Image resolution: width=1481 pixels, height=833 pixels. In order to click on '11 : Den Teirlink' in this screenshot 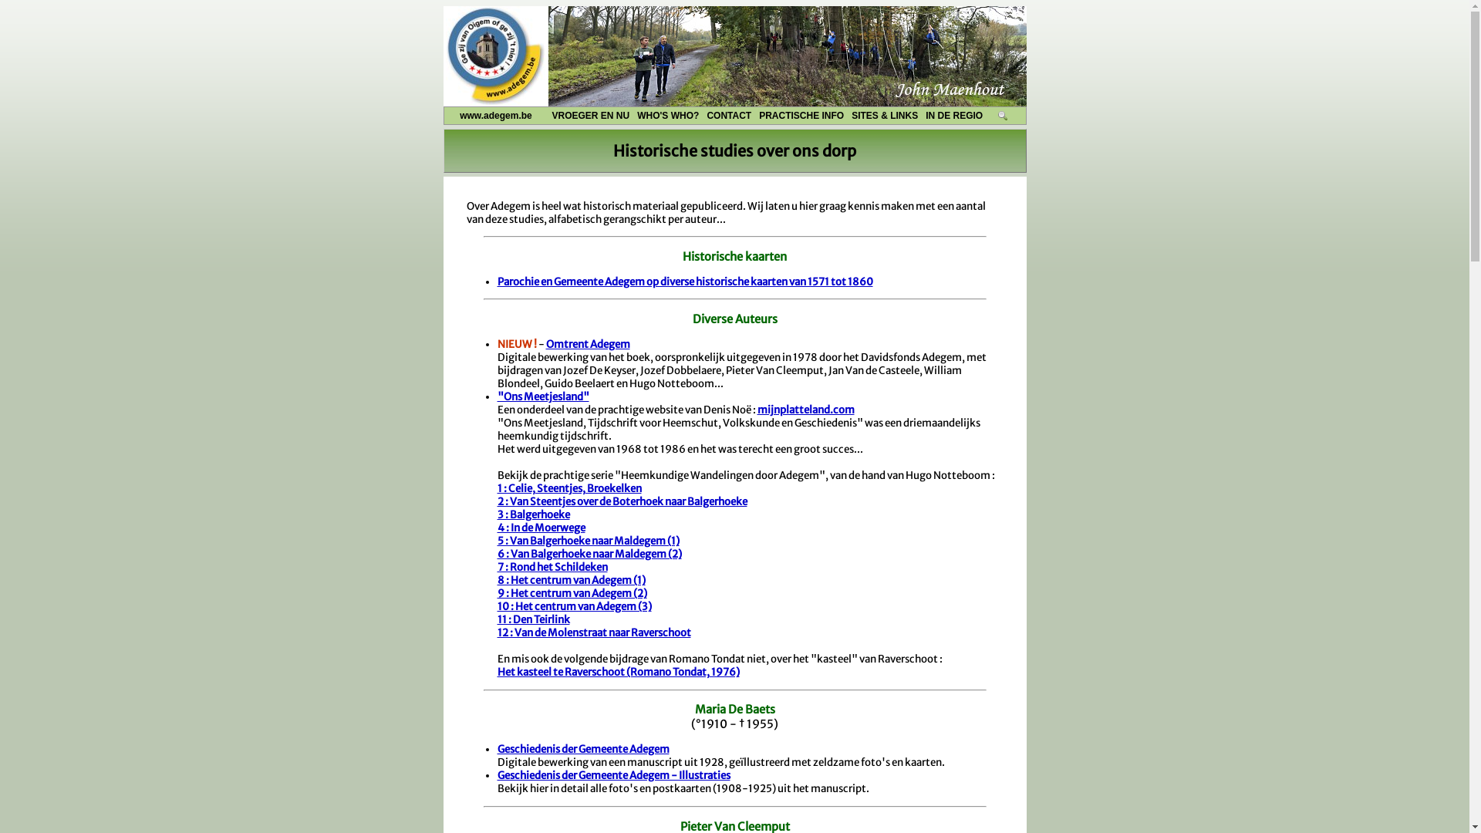, I will do `click(496, 619)`.